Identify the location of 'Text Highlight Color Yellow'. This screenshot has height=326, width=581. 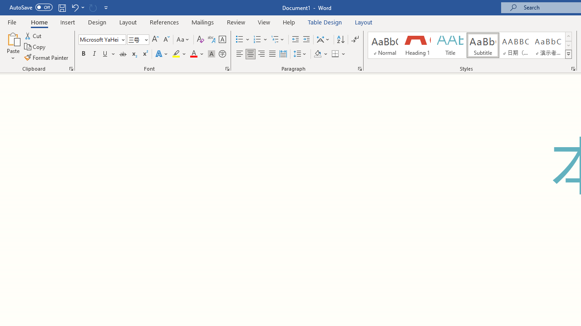
(176, 54).